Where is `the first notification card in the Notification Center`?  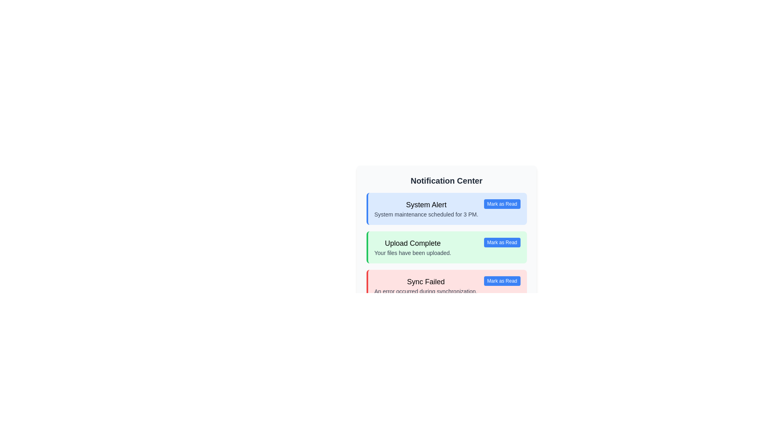 the first notification card in the Notification Center is located at coordinates (446, 208).